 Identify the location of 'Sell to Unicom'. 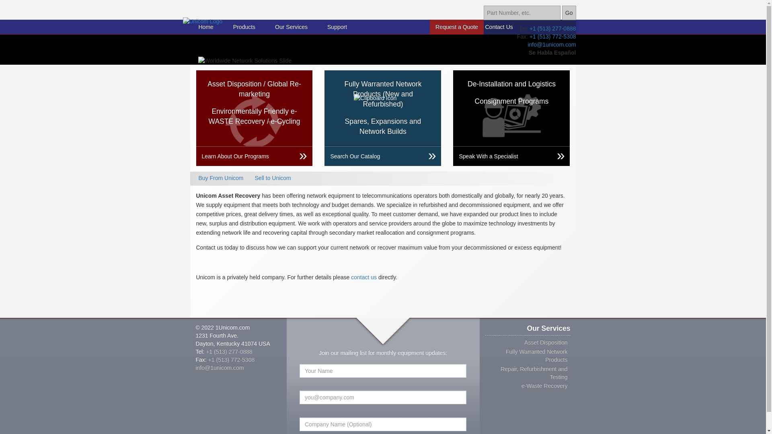
(273, 178).